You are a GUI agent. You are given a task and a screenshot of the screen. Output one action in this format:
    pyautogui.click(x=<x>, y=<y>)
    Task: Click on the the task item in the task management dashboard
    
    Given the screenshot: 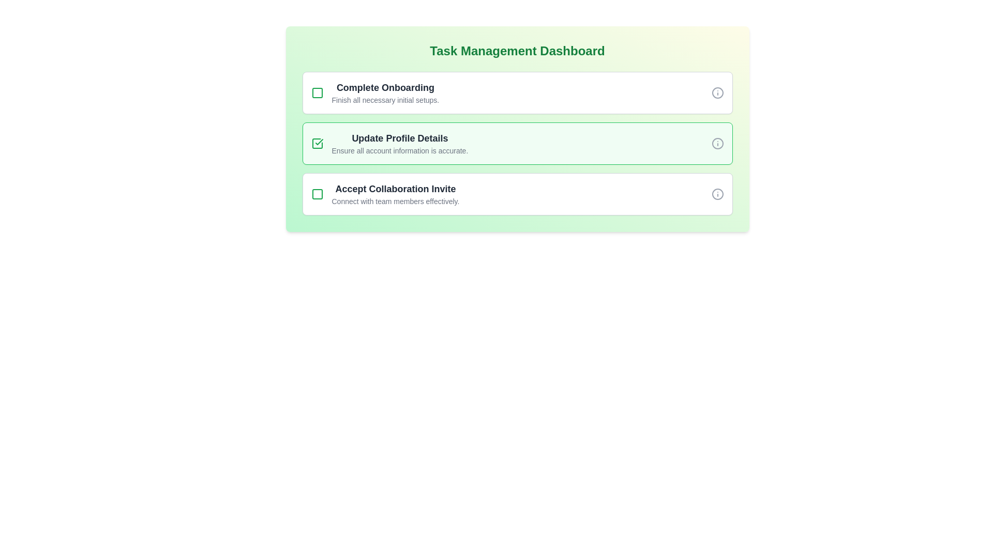 What is the action you would take?
    pyautogui.click(x=517, y=143)
    